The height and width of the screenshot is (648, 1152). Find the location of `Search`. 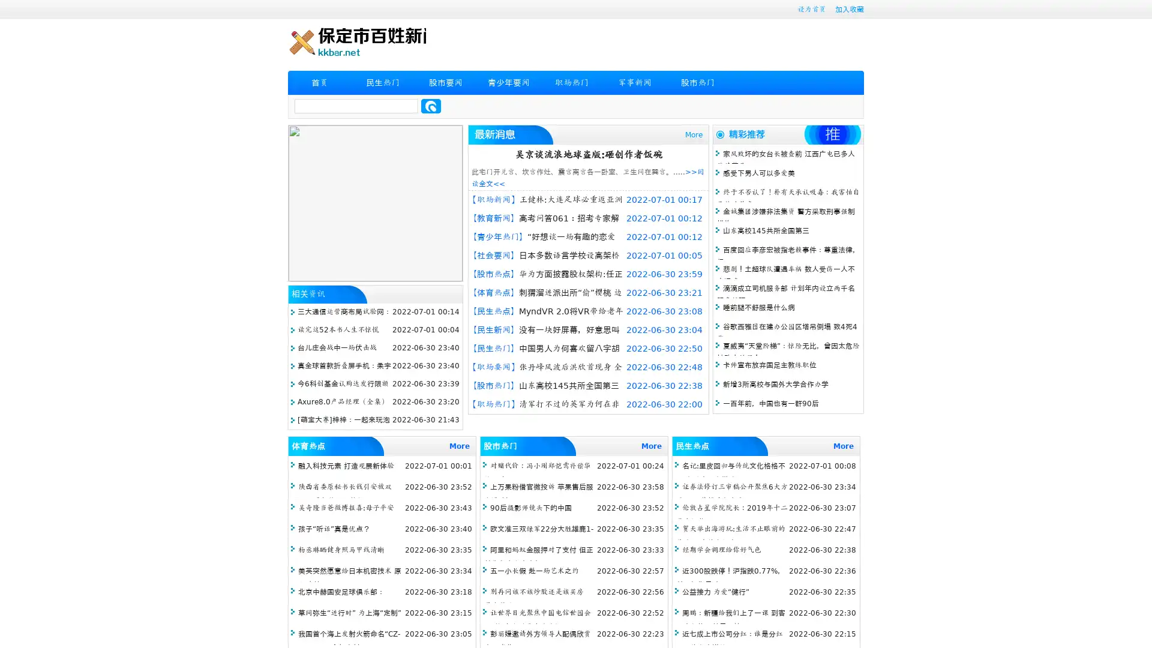

Search is located at coordinates (431, 106).